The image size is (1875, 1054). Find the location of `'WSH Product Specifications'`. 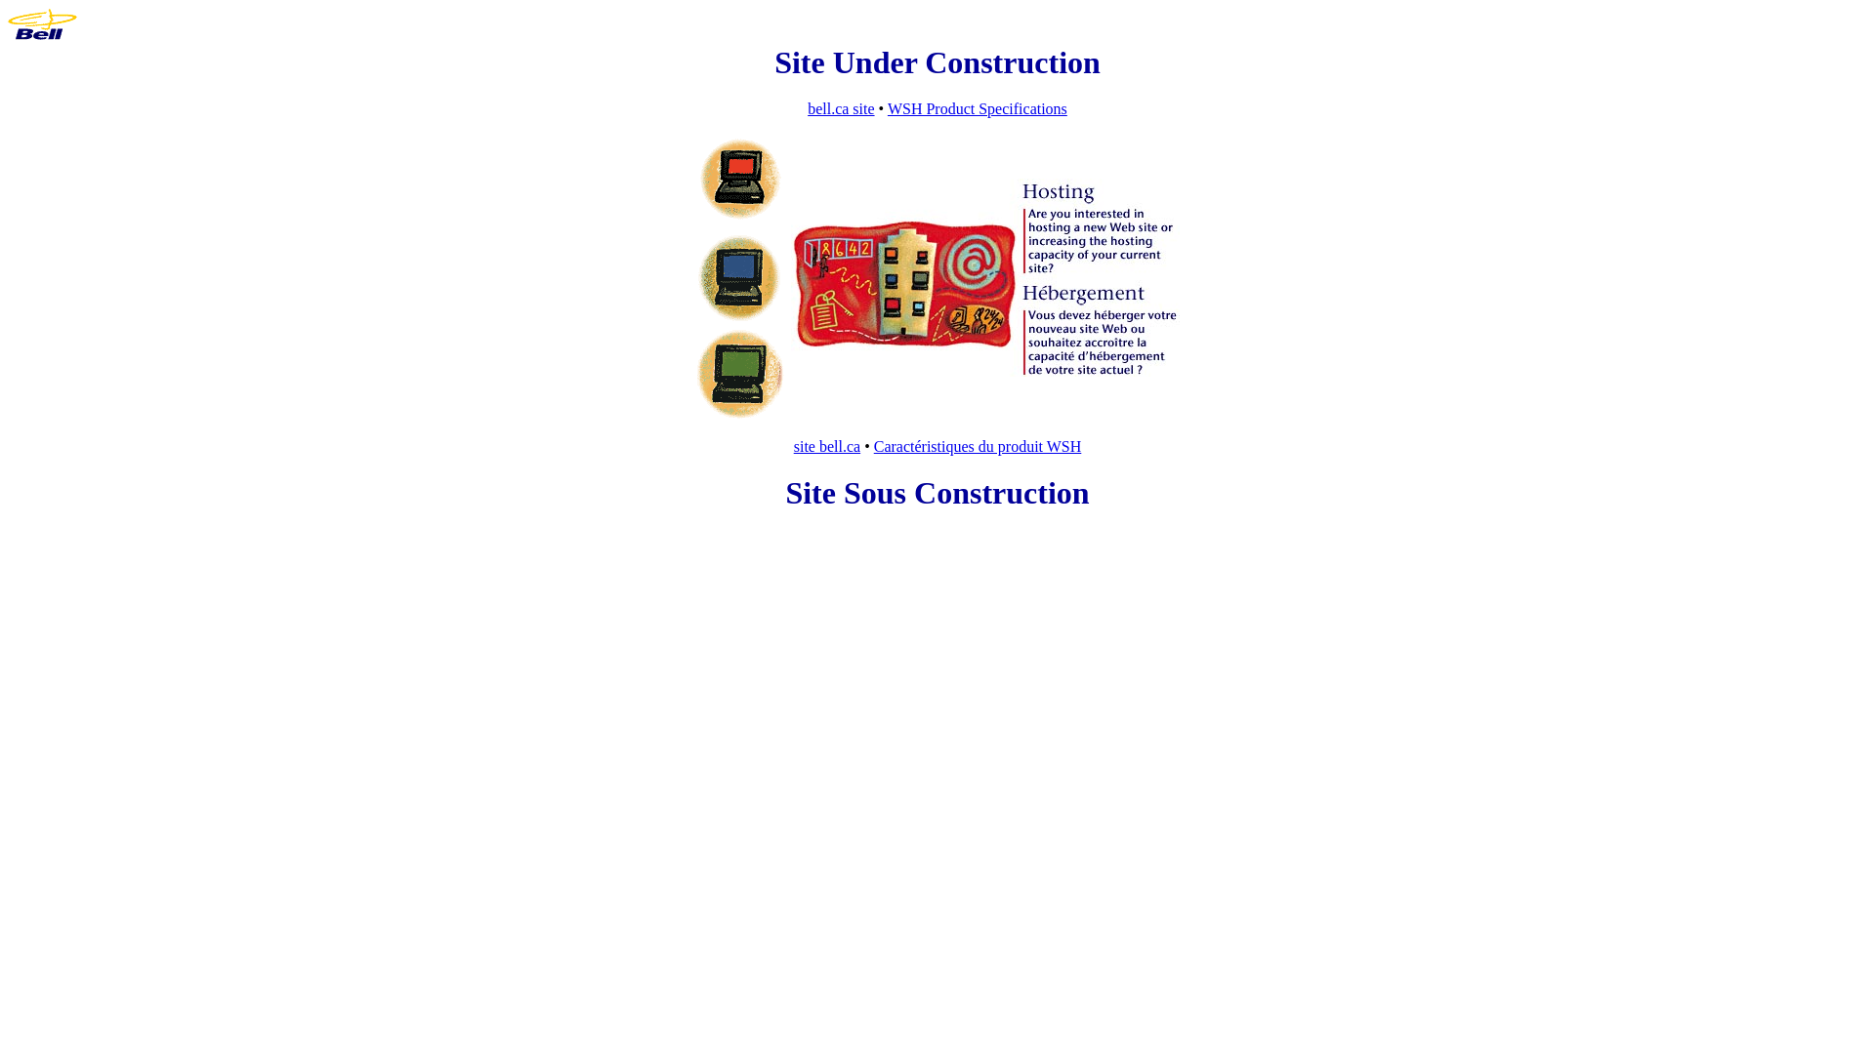

'WSH Product Specifications' is located at coordinates (978, 108).